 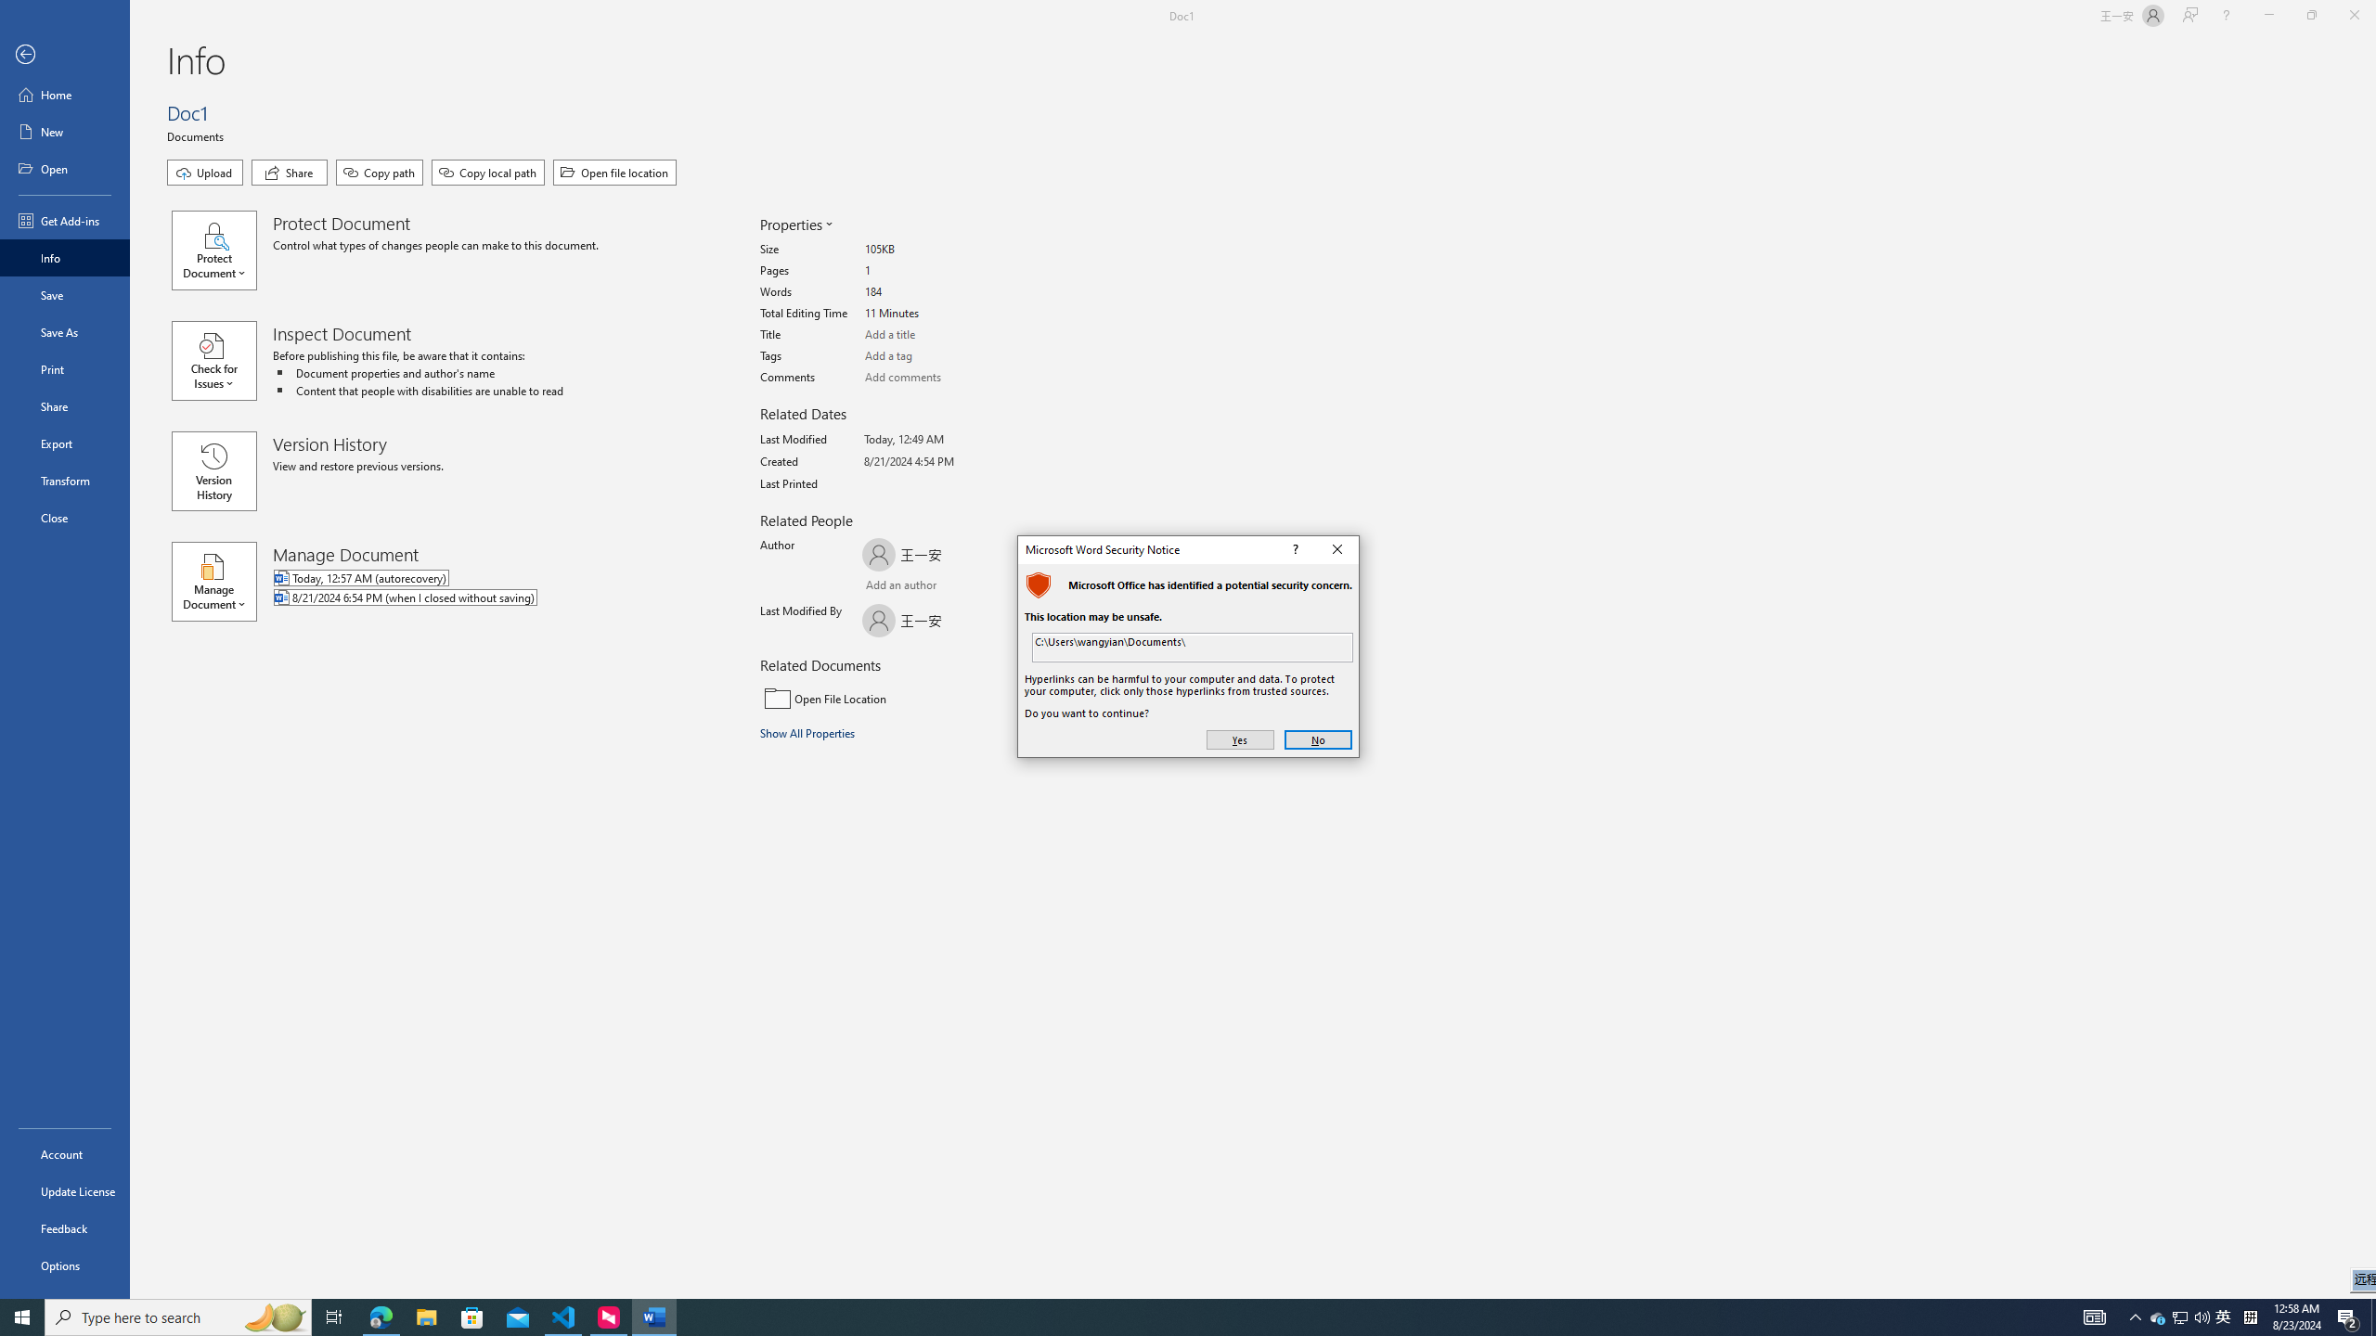 What do you see at coordinates (1240, 739) in the screenshot?
I see `'Yes'` at bounding box center [1240, 739].